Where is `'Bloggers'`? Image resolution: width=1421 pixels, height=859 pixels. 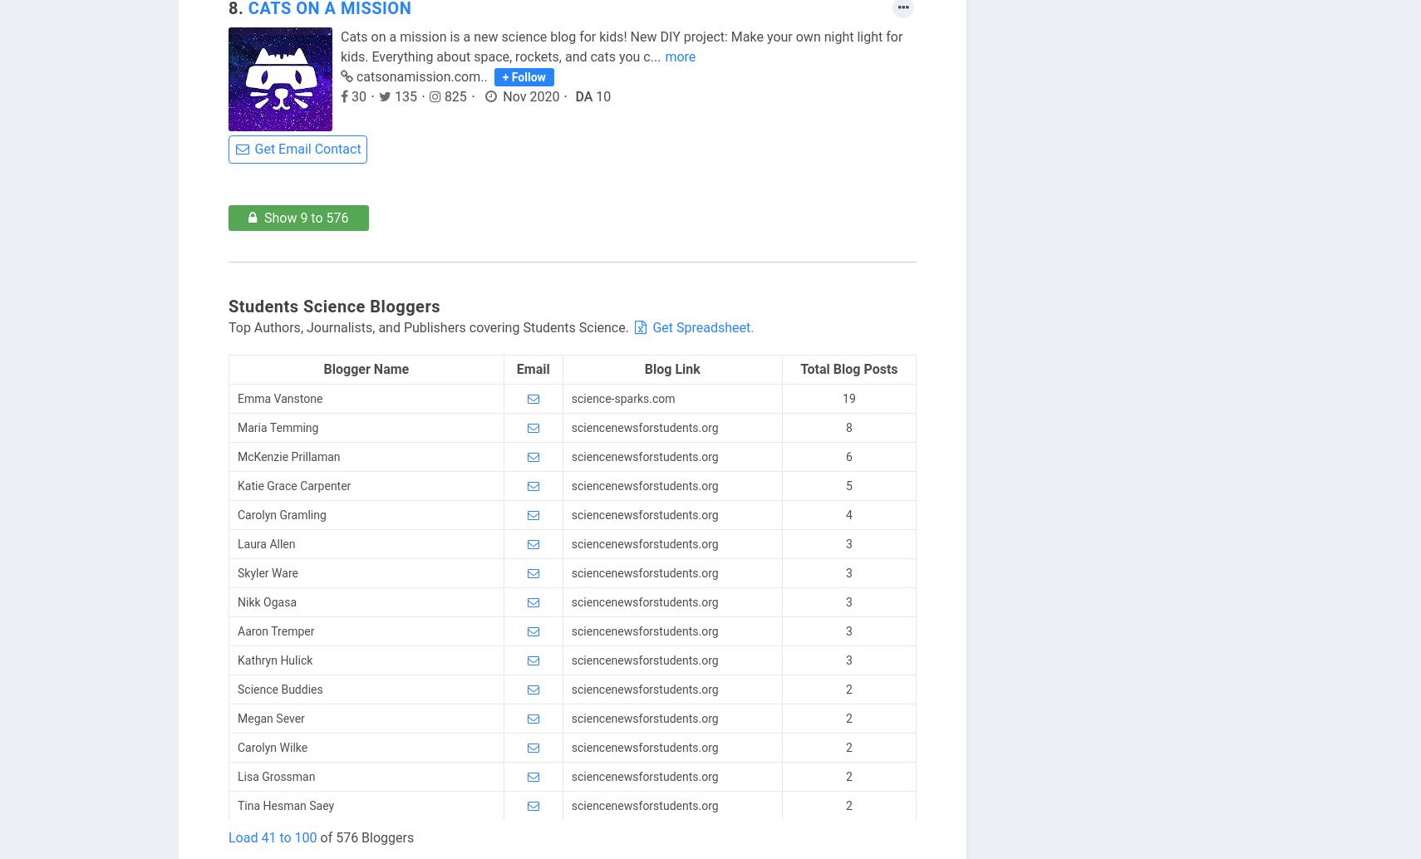
'Bloggers' is located at coordinates (405, 305).